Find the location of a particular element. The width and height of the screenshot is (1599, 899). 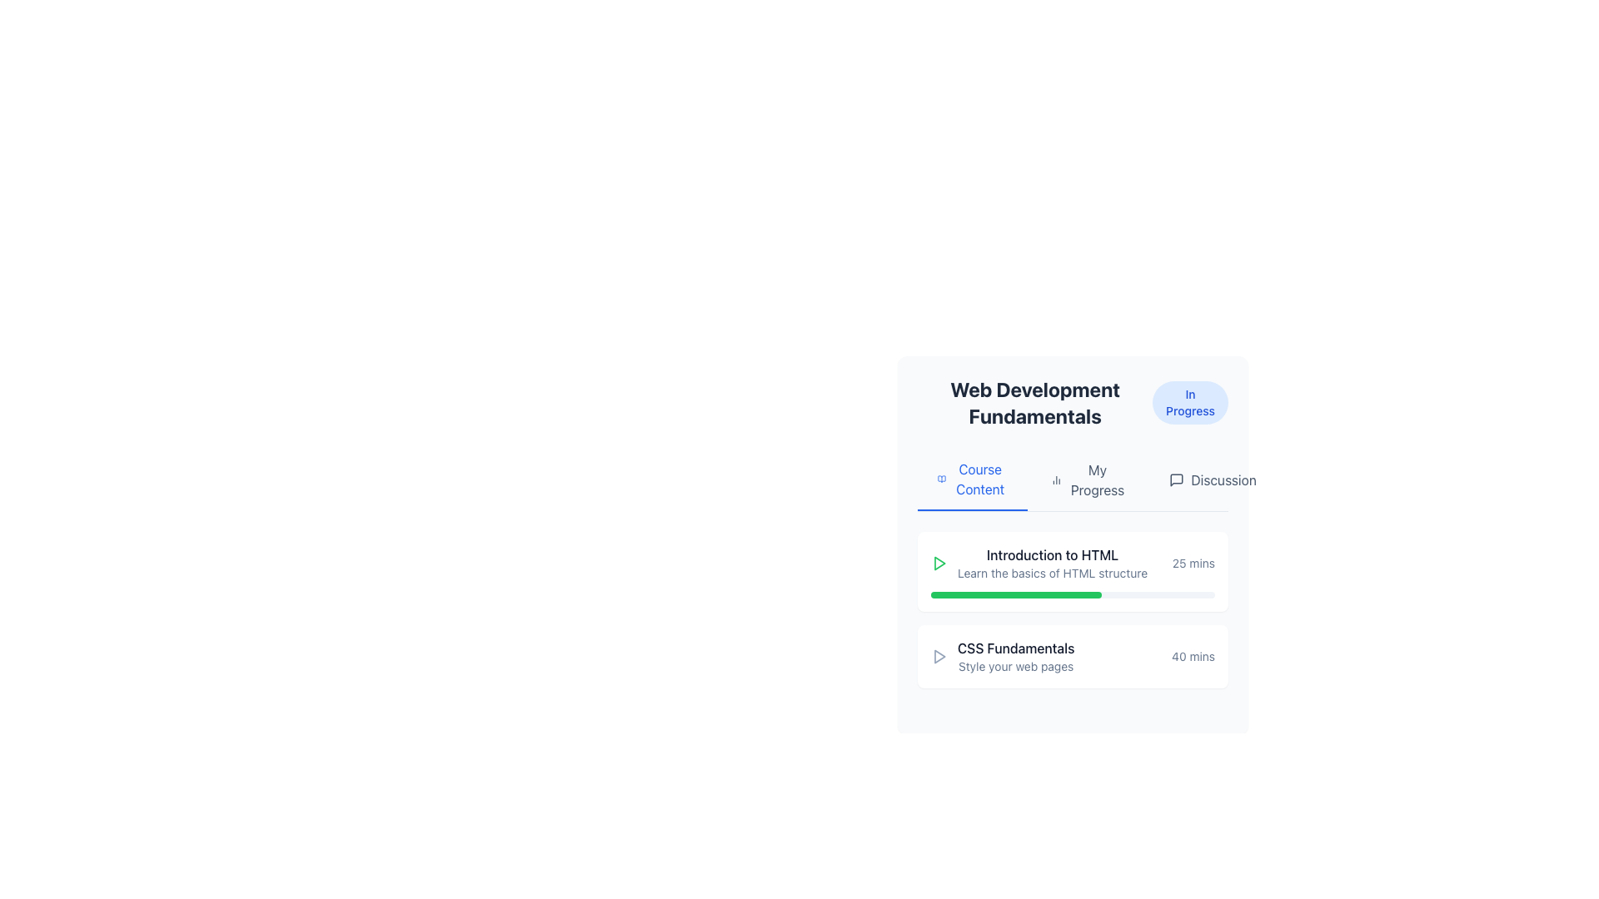

the 'Discussion' button in the navigation bar is located at coordinates (1212, 480).